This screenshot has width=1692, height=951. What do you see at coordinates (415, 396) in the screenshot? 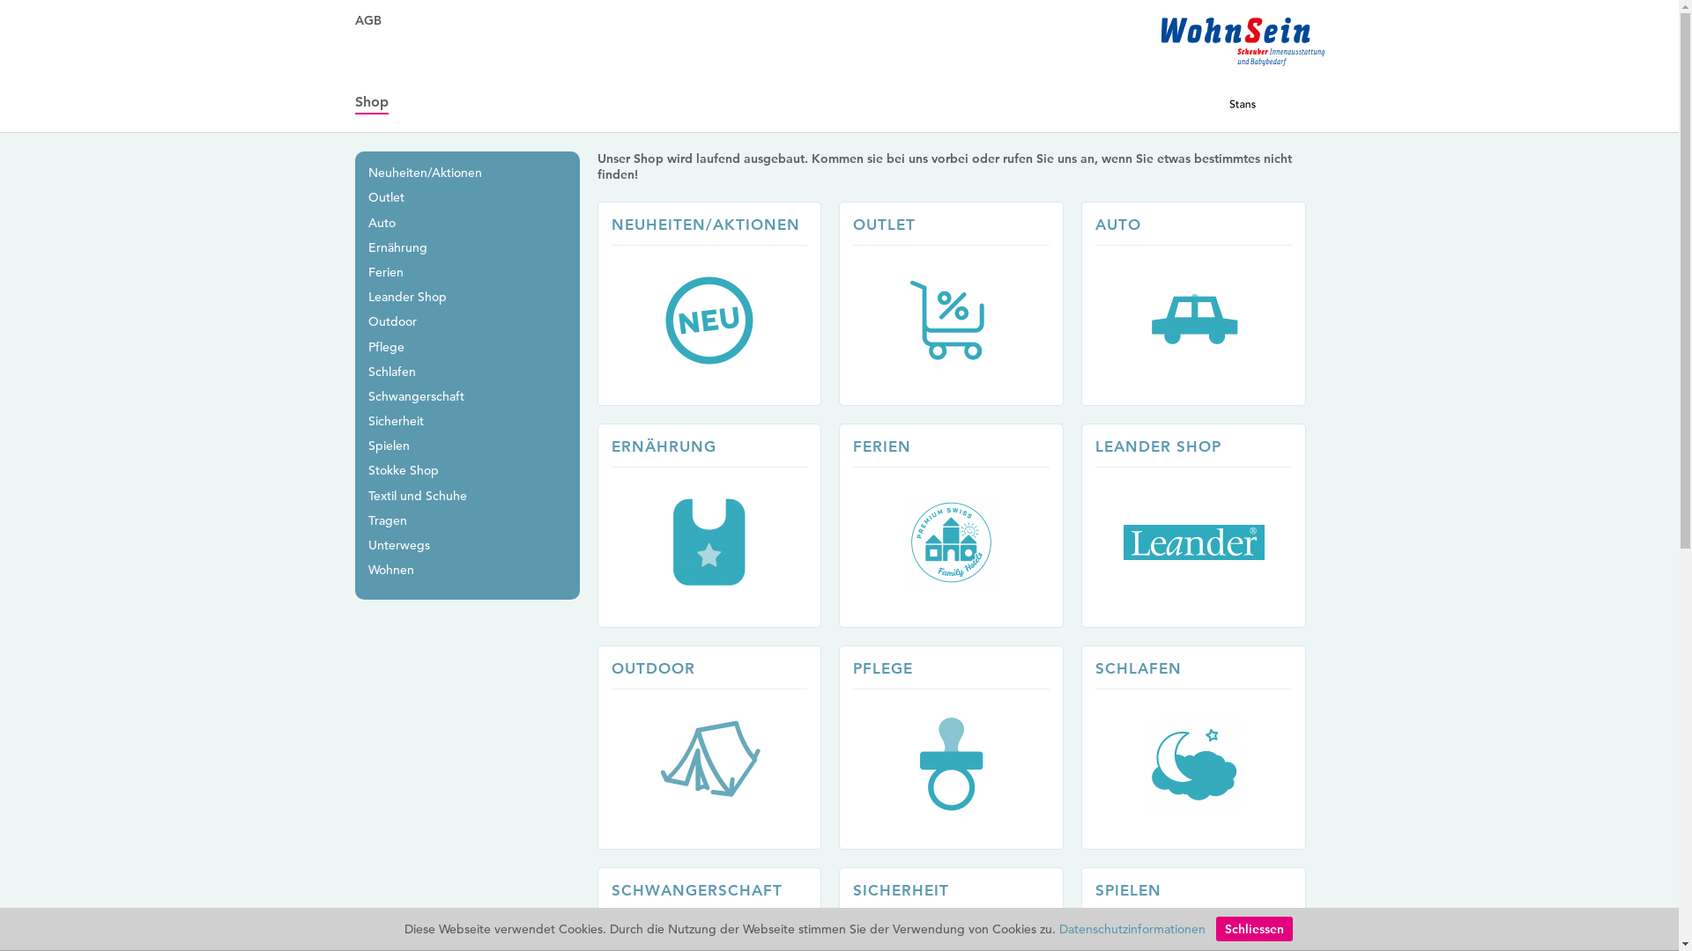
I see `'Schwangerschaft'` at bounding box center [415, 396].